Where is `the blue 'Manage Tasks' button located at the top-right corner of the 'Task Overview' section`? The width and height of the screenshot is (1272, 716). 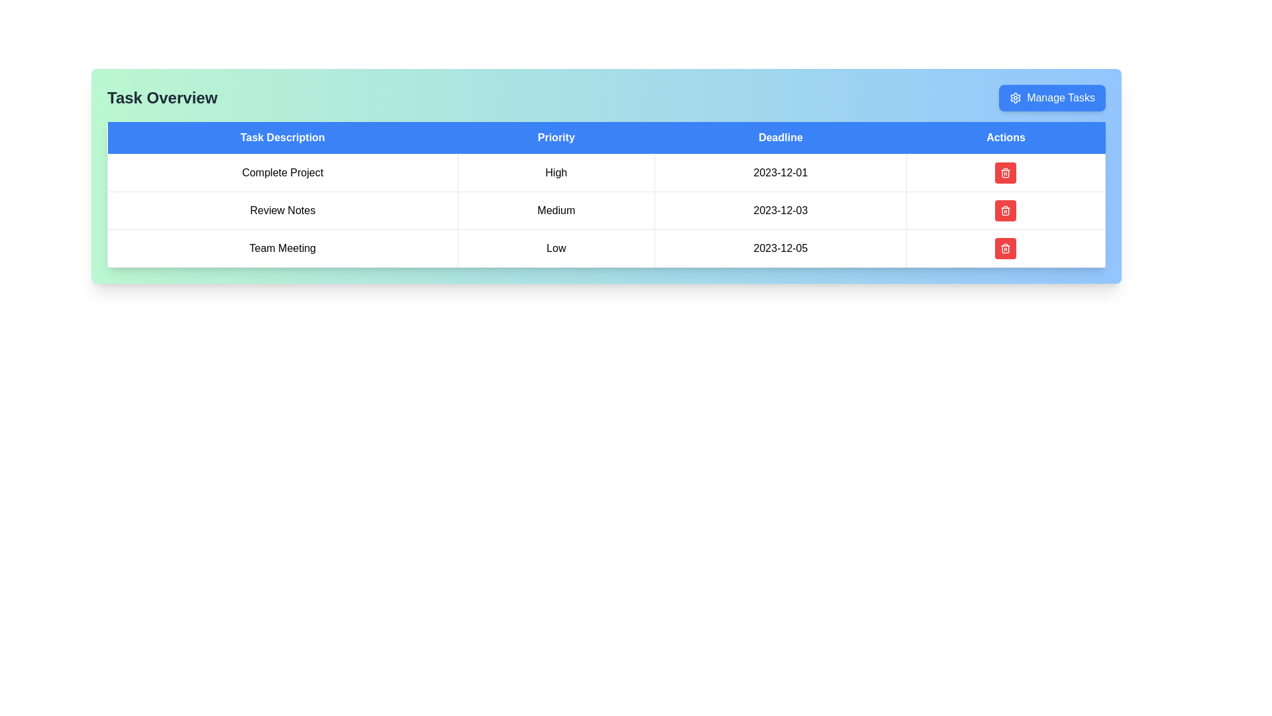 the blue 'Manage Tasks' button located at the top-right corner of the 'Task Overview' section is located at coordinates (1051, 97).